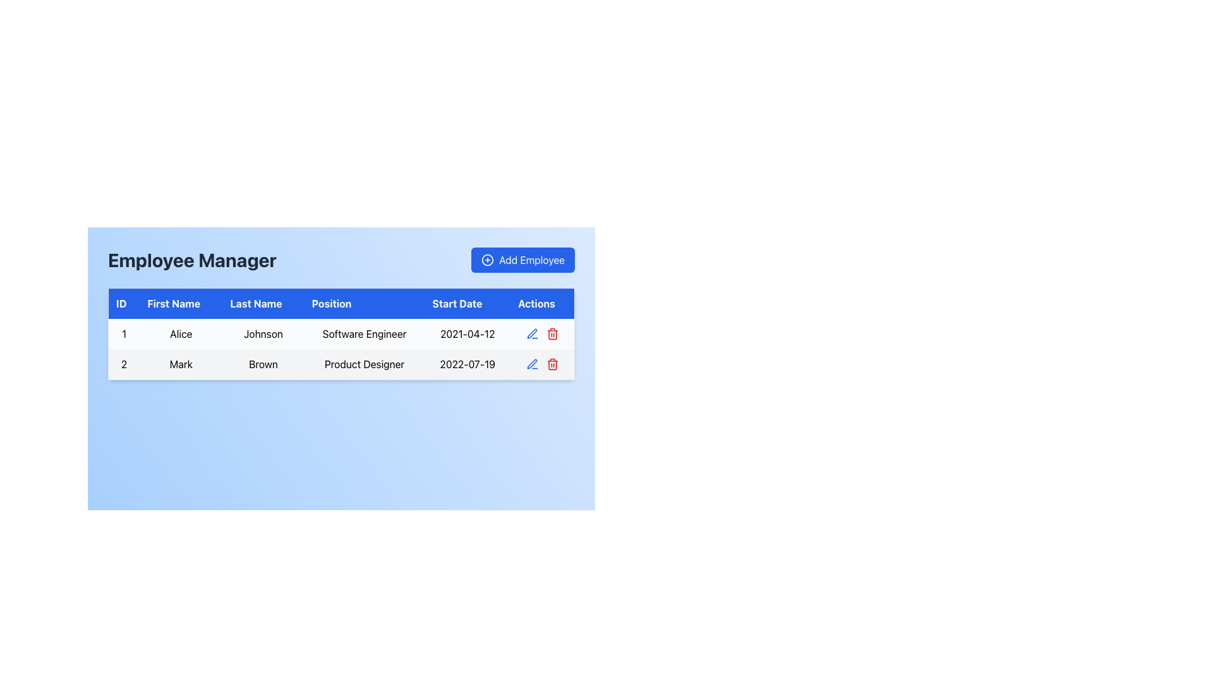 This screenshot has width=1213, height=682. Describe the element at coordinates (180, 333) in the screenshot. I see `the text label displaying 'Alice' in the 'First Name' column of the table` at that location.